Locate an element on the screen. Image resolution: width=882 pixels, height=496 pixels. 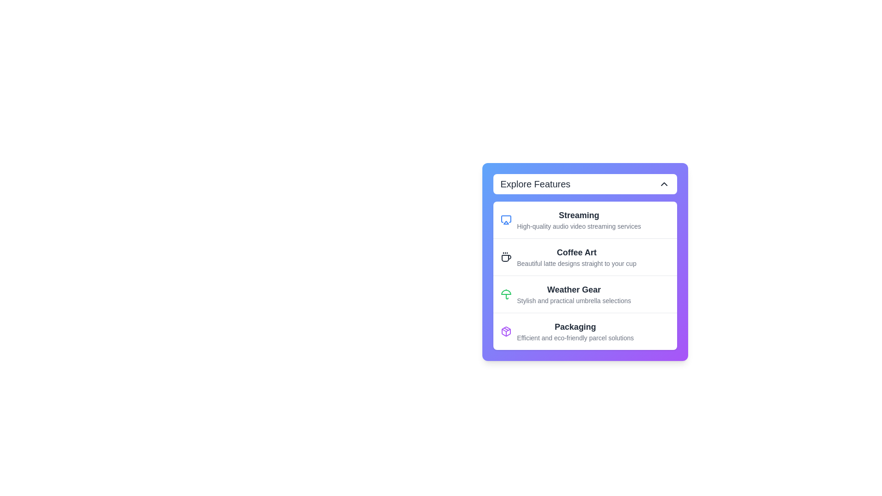
the gray text that reads 'Efficient and eco-friendly parcel solutions', located under the bold header 'Packaging' is located at coordinates (575, 338).